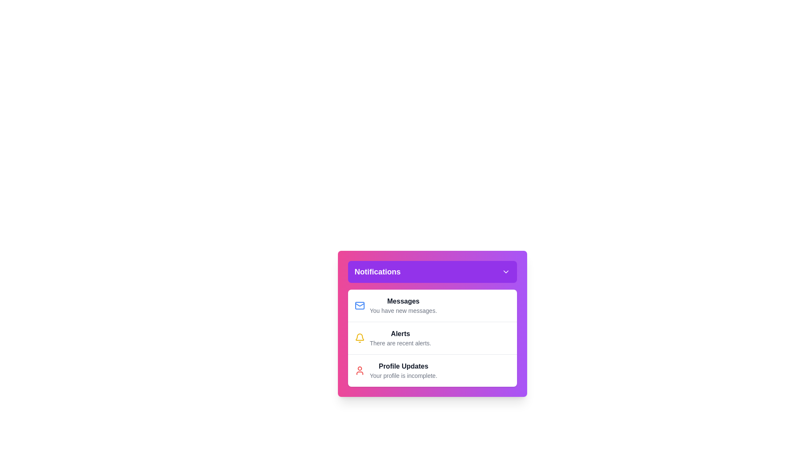 The height and width of the screenshot is (456, 811). What do you see at coordinates (359, 370) in the screenshot?
I see `the user silhouette icon, which is styled in red and located in the 'Profile Updates' notification row in the Notifications dropdown` at bounding box center [359, 370].